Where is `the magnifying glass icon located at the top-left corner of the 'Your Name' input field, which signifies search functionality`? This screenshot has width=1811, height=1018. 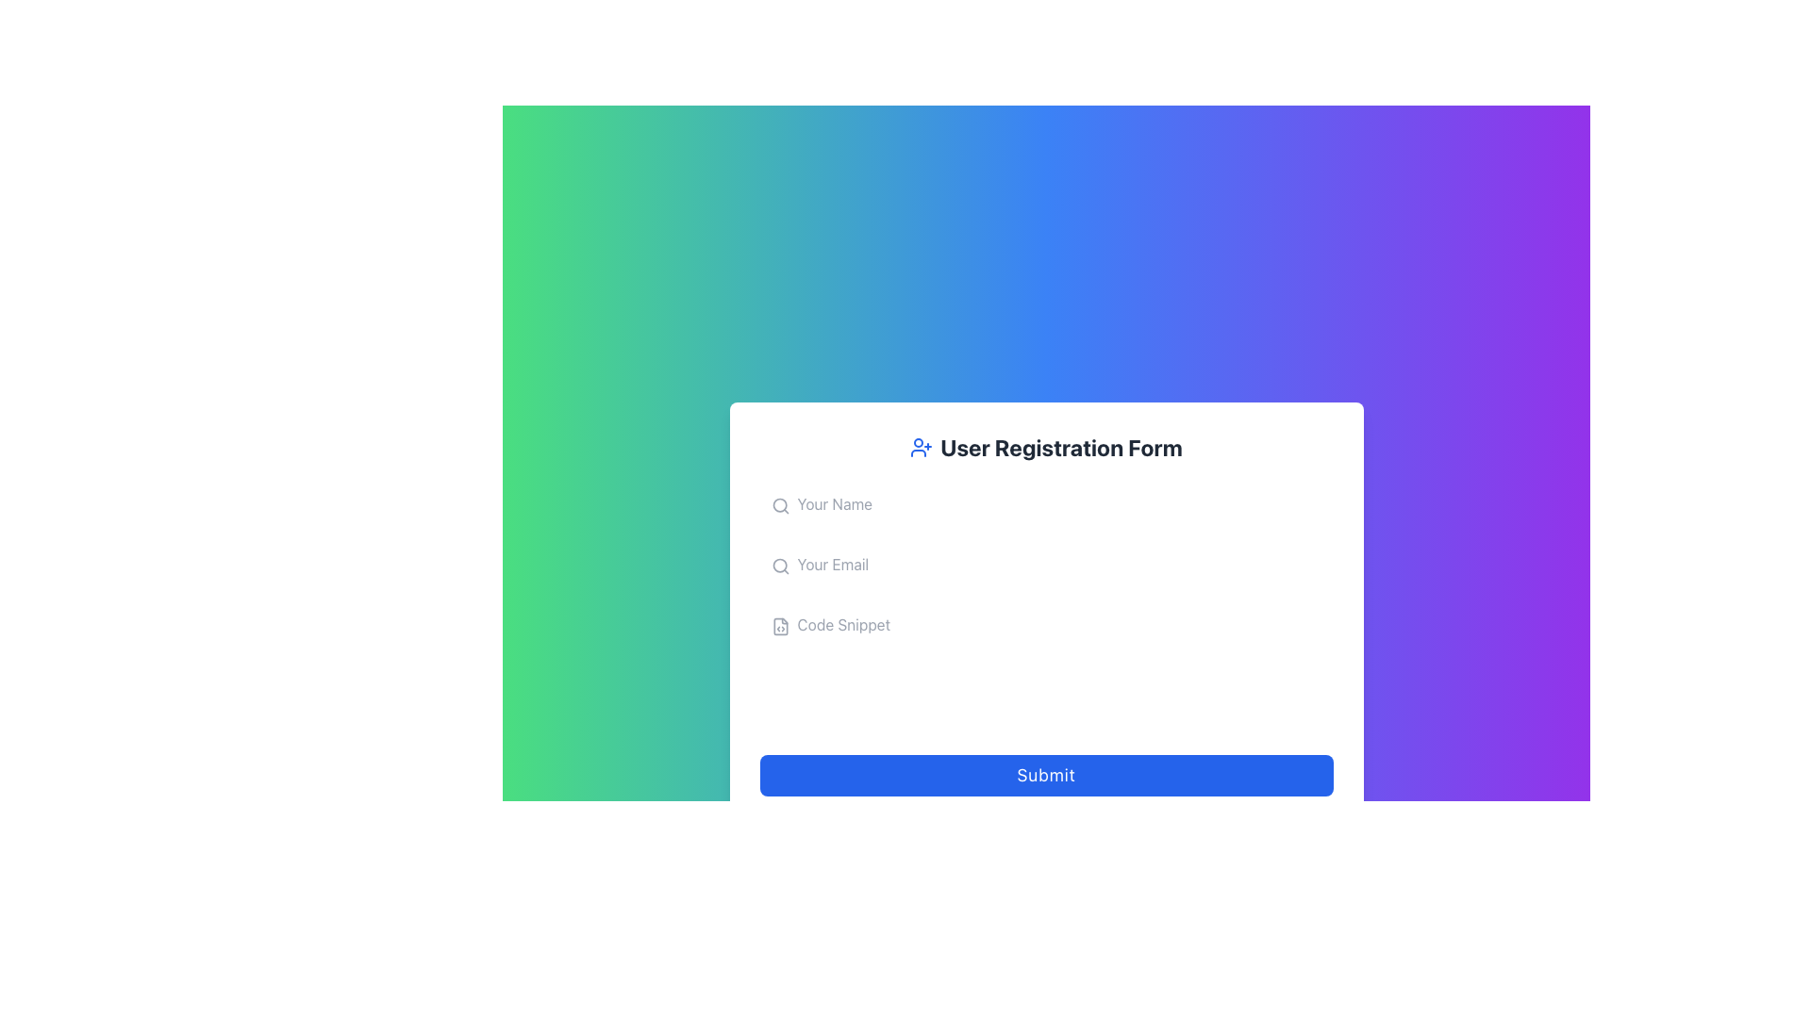 the magnifying glass icon located at the top-left corner of the 'Your Name' input field, which signifies search functionality is located at coordinates (780, 504).